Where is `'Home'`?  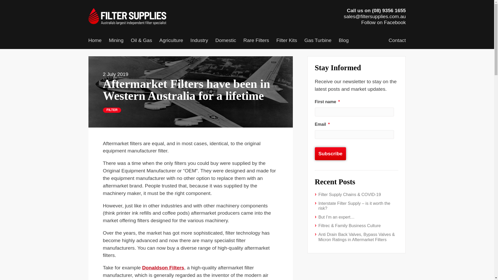
'Home' is located at coordinates (95, 41).